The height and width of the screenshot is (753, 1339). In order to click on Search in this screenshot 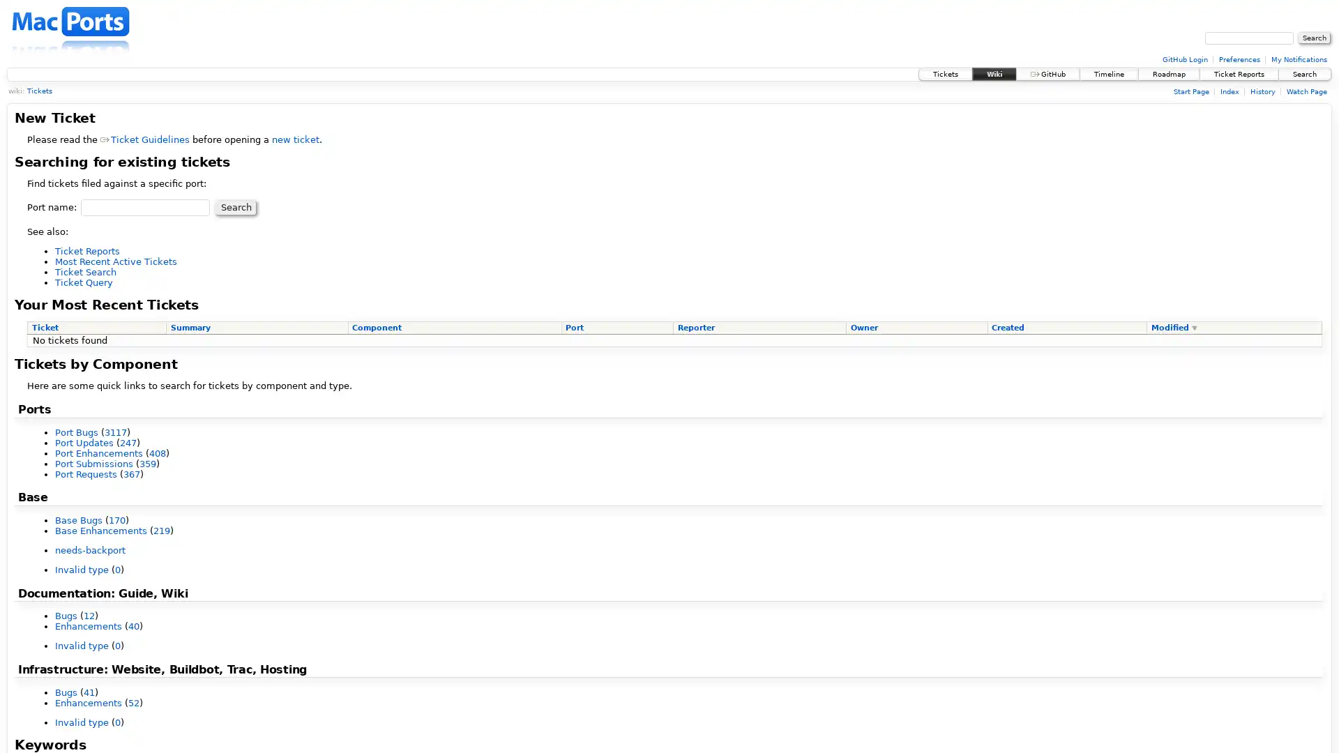, I will do `click(1314, 37)`.